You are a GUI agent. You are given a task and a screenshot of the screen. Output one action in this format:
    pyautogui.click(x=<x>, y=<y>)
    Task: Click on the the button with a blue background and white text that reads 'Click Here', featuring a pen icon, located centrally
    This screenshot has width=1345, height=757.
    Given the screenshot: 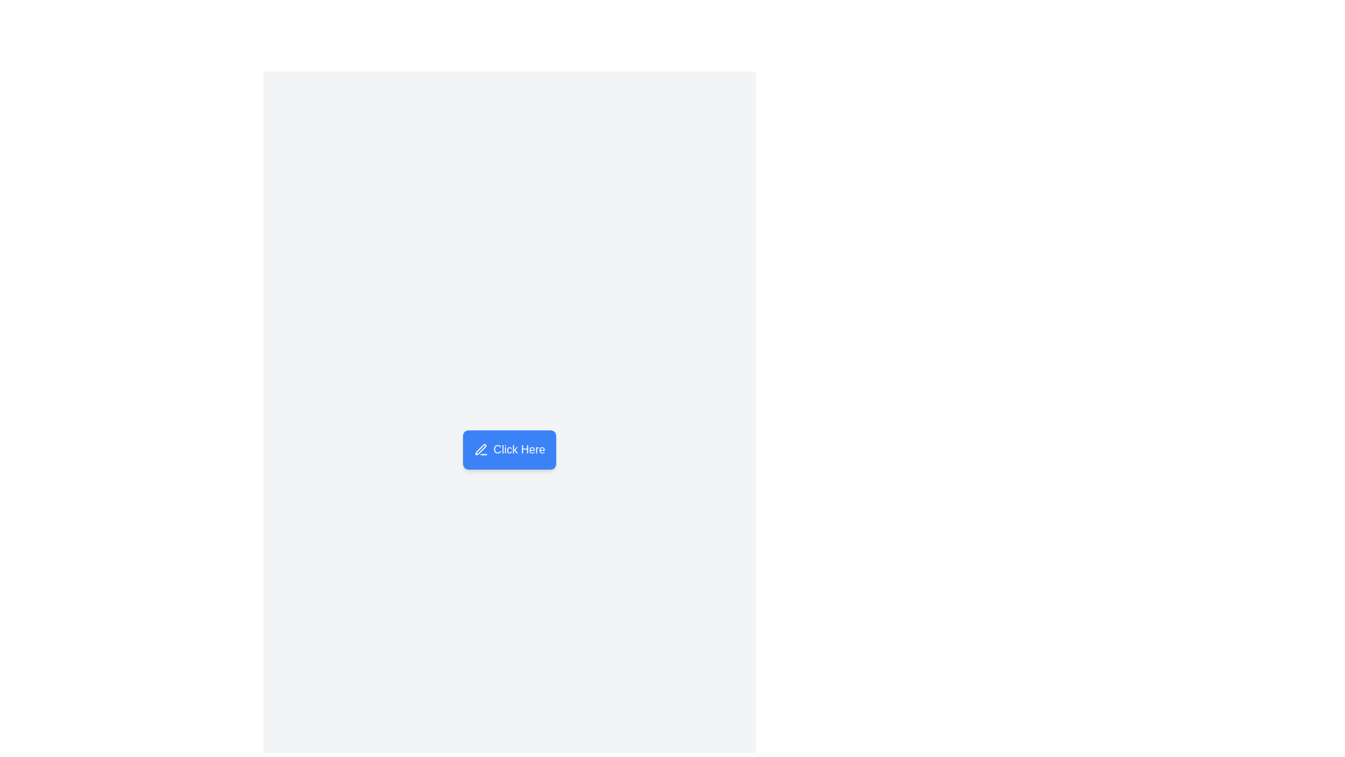 What is the action you would take?
    pyautogui.click(x=509, y=449)
    